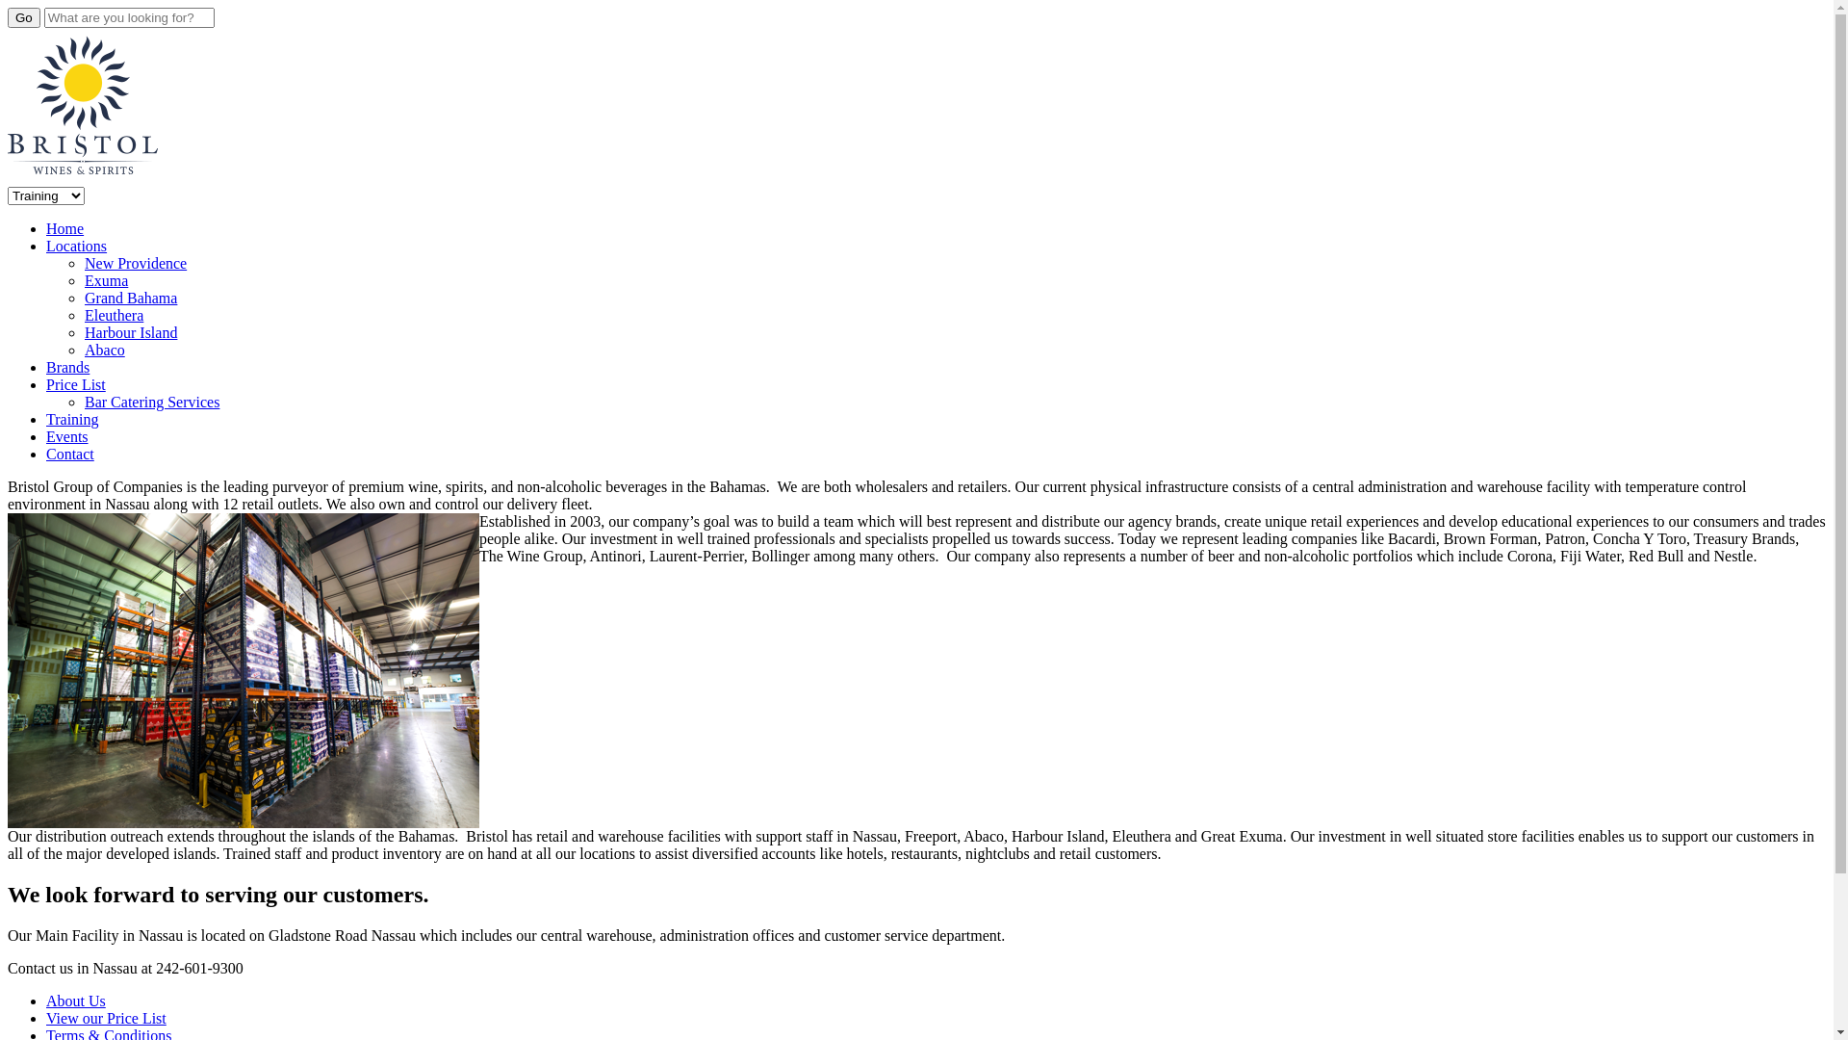  I want to click on 'Events', so click(67, 436).